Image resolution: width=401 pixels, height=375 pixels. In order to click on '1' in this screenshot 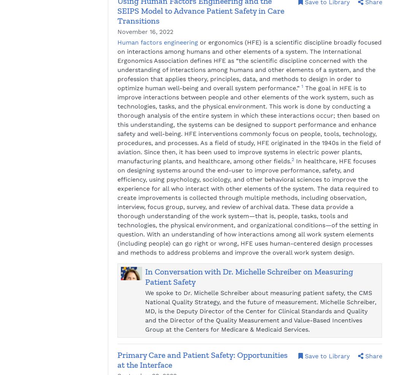, I will do `click(301, 86)`.